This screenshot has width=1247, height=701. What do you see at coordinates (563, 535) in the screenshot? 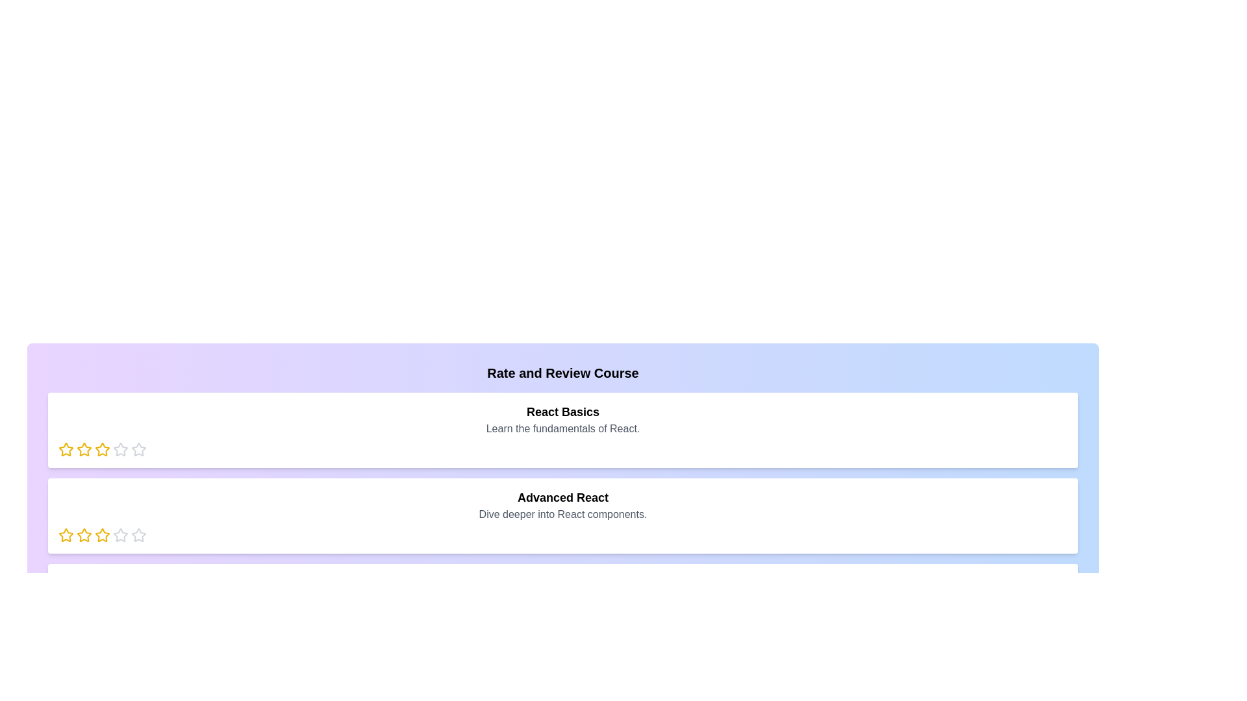
I see `a star in the Rating stars interface` at bounding box center [563, 535].